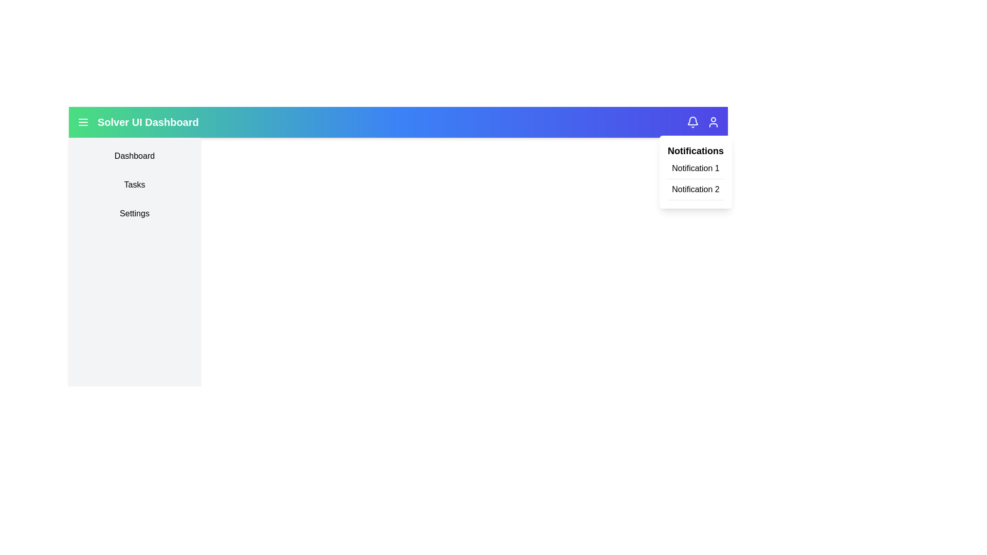 The width and height of the screenshot is (987, 555). I want to click on the bold title text labeled 'Solver UI Dashboard' located in the navigation bar at the top-left corner of the interface, so click(148, 122).